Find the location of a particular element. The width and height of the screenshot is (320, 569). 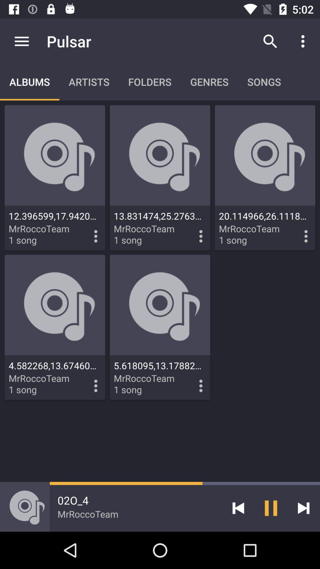

the icon above songs icon is located at coordinates (270, 41).